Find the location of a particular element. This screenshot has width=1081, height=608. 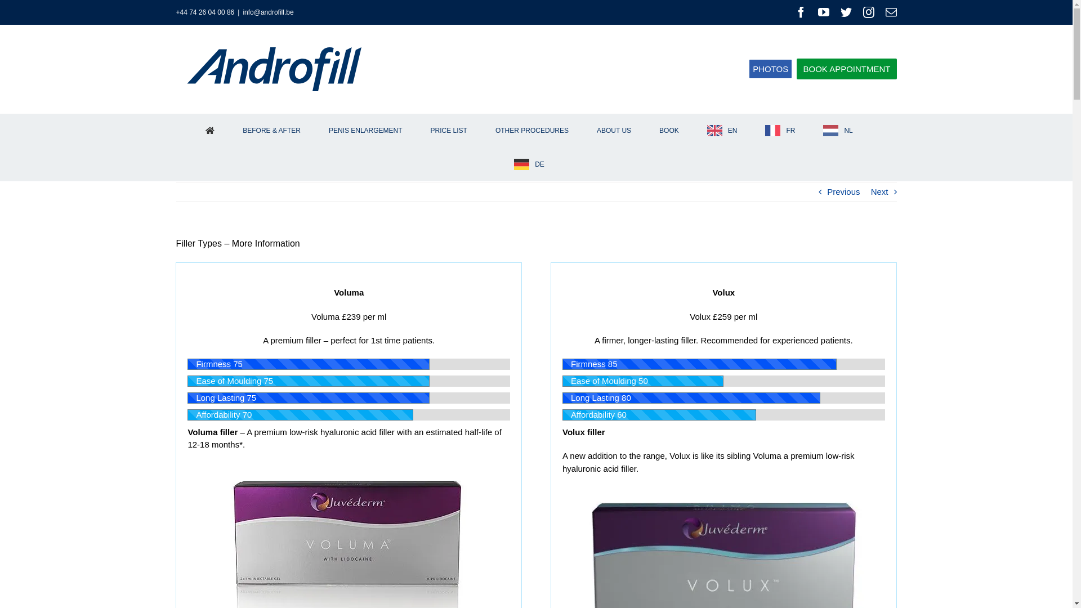

'Instagram' is located at coordinates (867, 12).